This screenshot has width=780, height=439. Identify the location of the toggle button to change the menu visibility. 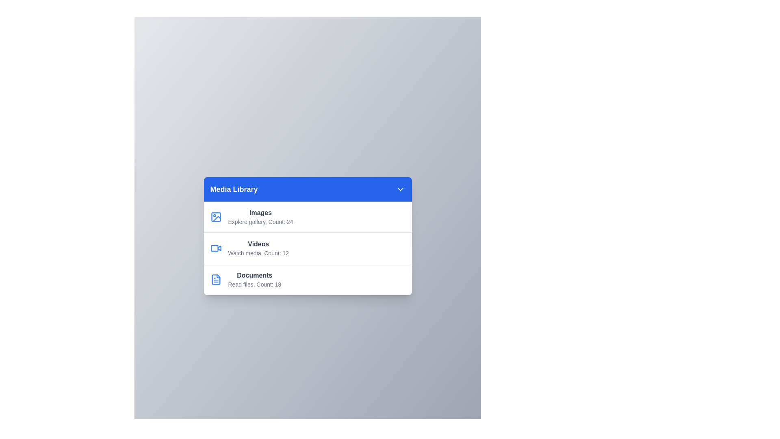
(400, 189).